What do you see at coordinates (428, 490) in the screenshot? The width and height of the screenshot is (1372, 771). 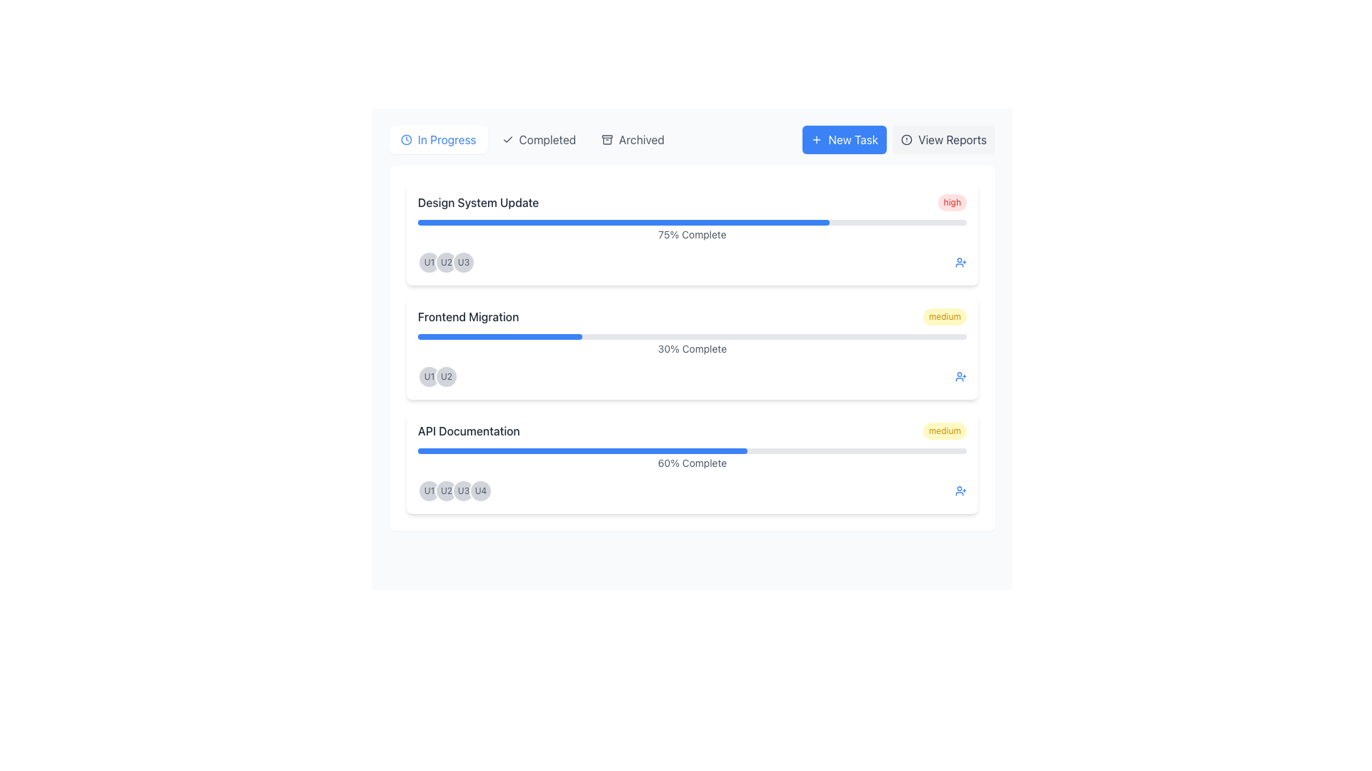 I see `the user badge displaying 'U1', which is the leftmost circular avatar in the 'API Documentation' section` at bounding box center [428, 490].